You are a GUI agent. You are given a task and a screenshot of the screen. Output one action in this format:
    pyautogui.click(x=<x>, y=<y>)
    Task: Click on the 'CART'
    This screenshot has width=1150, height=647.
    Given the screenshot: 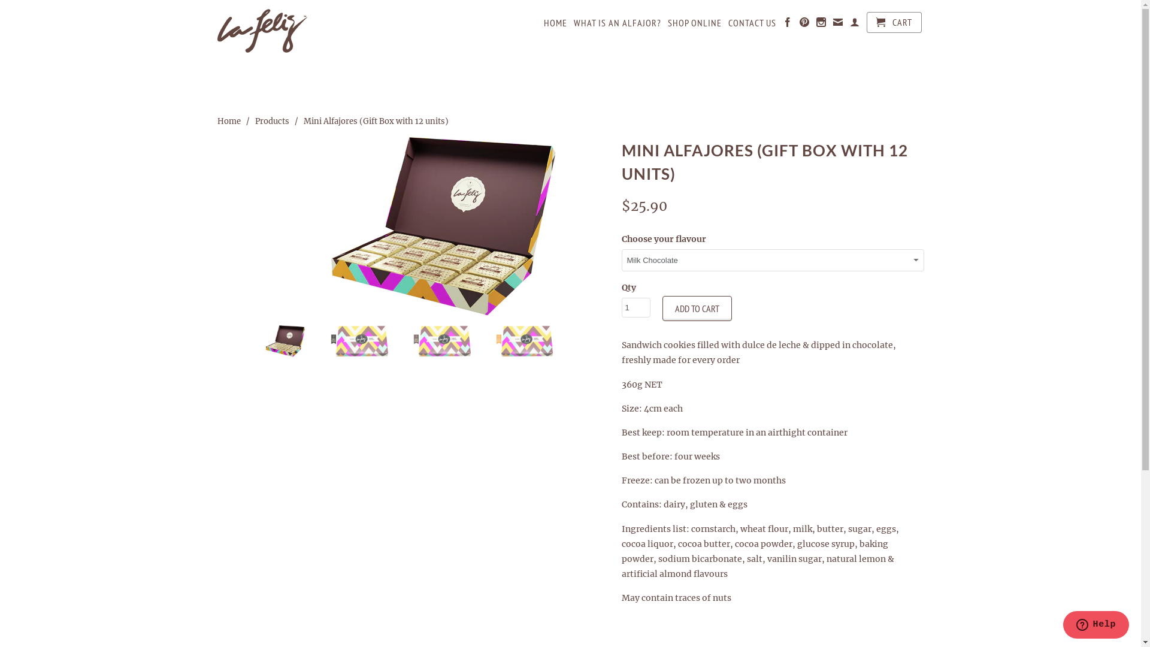 What is the action you would take?
    pyautogui.click(x=865, y=22)
    